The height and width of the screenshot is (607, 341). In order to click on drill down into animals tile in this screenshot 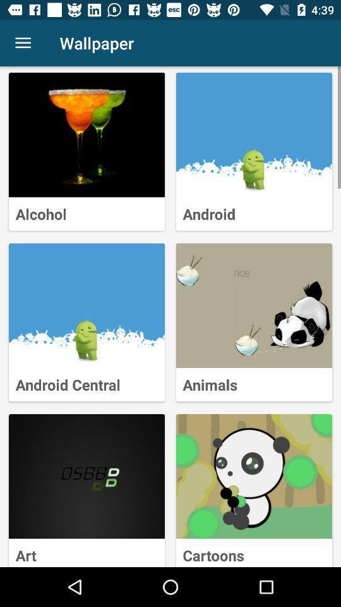, I will do `click(254, 305)`.